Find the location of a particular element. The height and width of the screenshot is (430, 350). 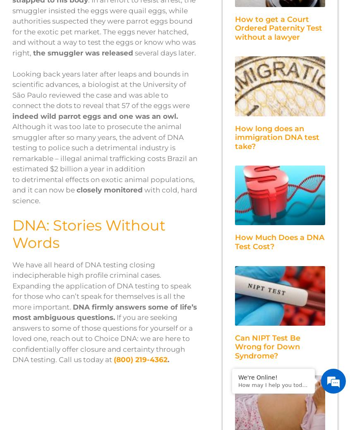

'How may I help you today?' is located at coordinates (238, 385).